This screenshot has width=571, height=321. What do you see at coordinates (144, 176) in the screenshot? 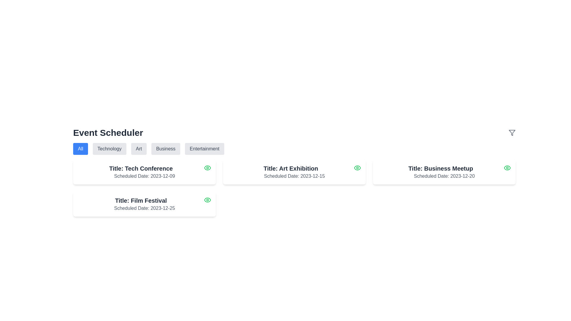
I see `the static text element that provides information about the scheduled date of the event, December 9th, 2023, located beneath the title 'Tech Conference' in the top-left event card` at bounding box center [144, 176].